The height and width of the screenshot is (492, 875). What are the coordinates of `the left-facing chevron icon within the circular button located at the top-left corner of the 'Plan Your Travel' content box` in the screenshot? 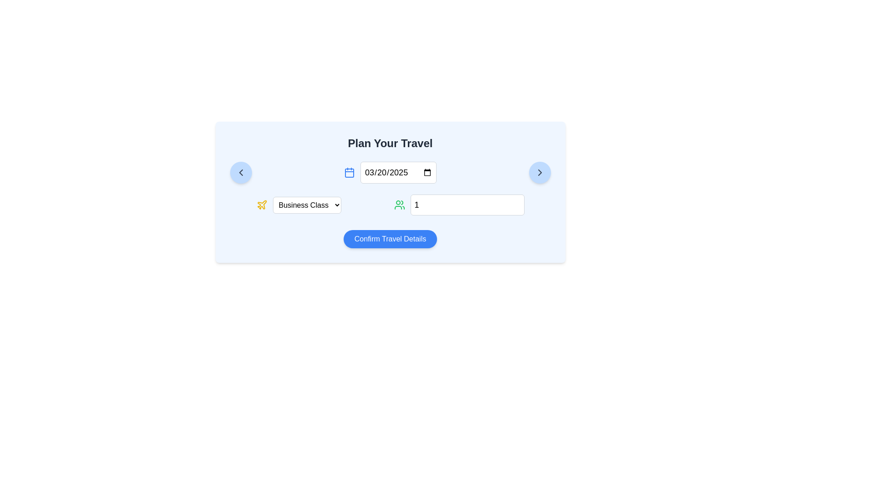 It's located at (241, 172).